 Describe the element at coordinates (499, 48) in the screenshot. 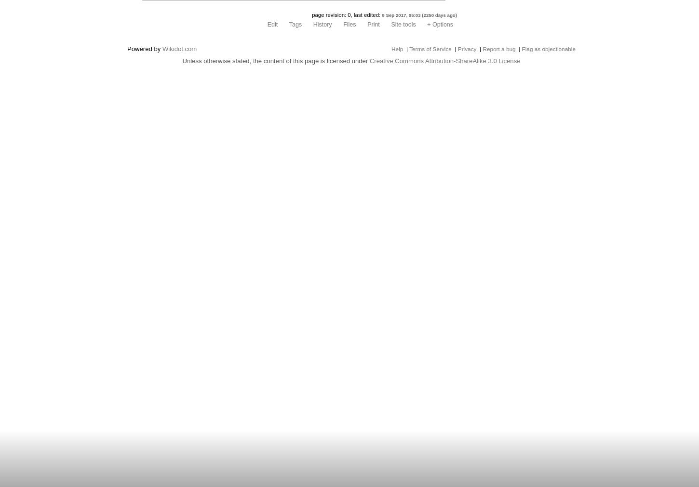

I see `'Report a bug'` at that location.